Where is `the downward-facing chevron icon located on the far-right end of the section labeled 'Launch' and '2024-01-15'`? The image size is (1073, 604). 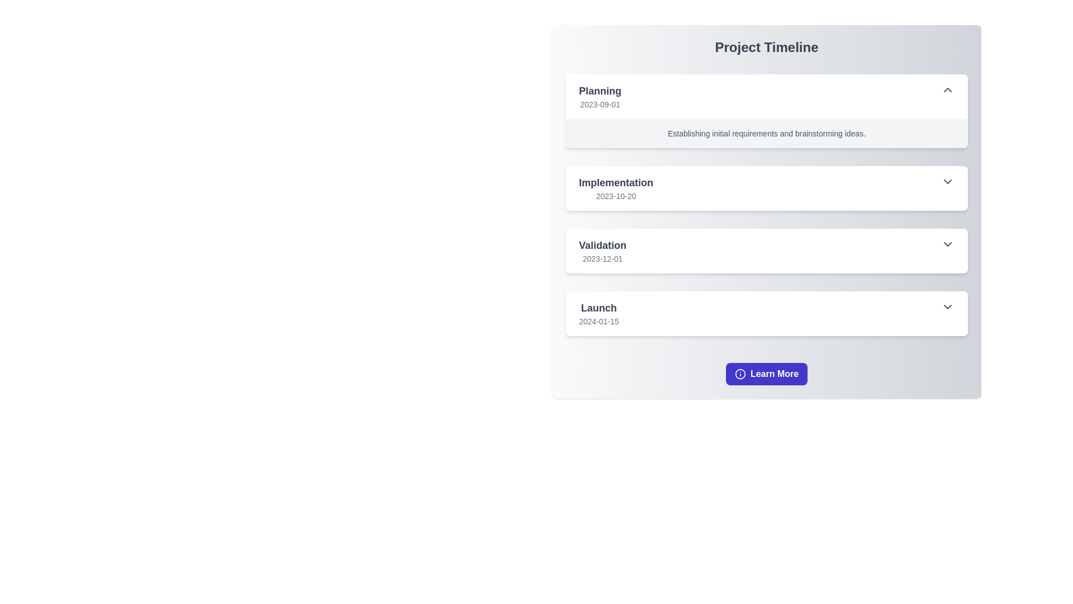
the downward-facing chevron icon located on the far-right end of the section labeled 'Launch' and '2024-01-15' is located at coordinates (947, 306).